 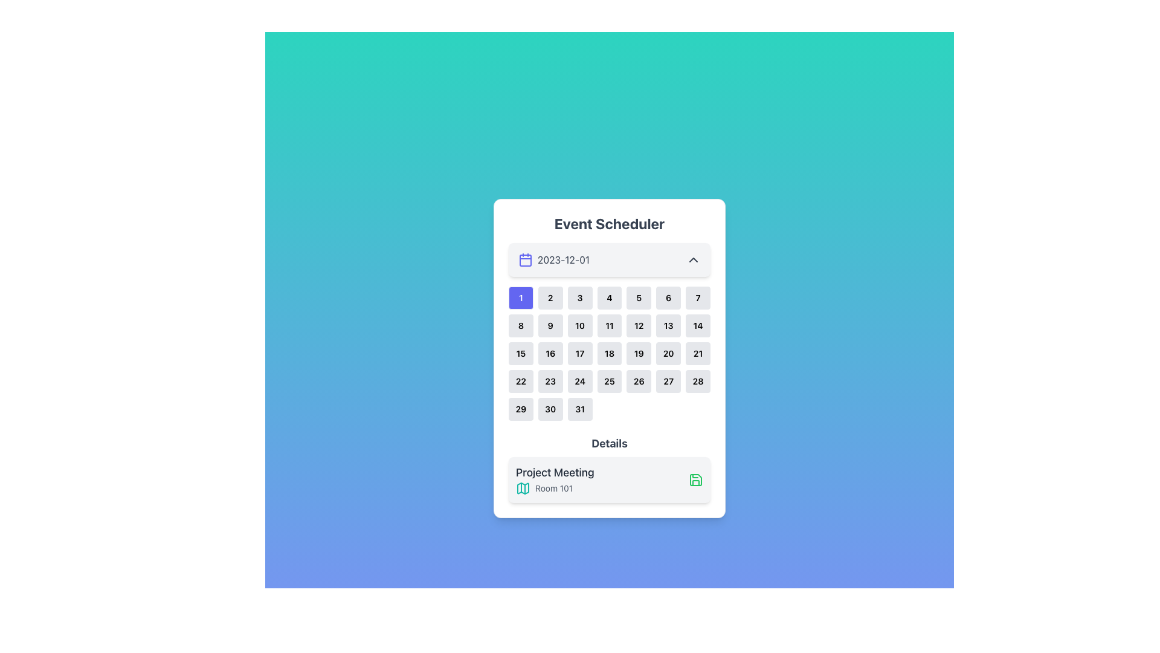 What do you see at coordinates (638, 382) in the screenshot?
I see `the button representing the 26th day in the calendar` at bounding box center [638, 382].